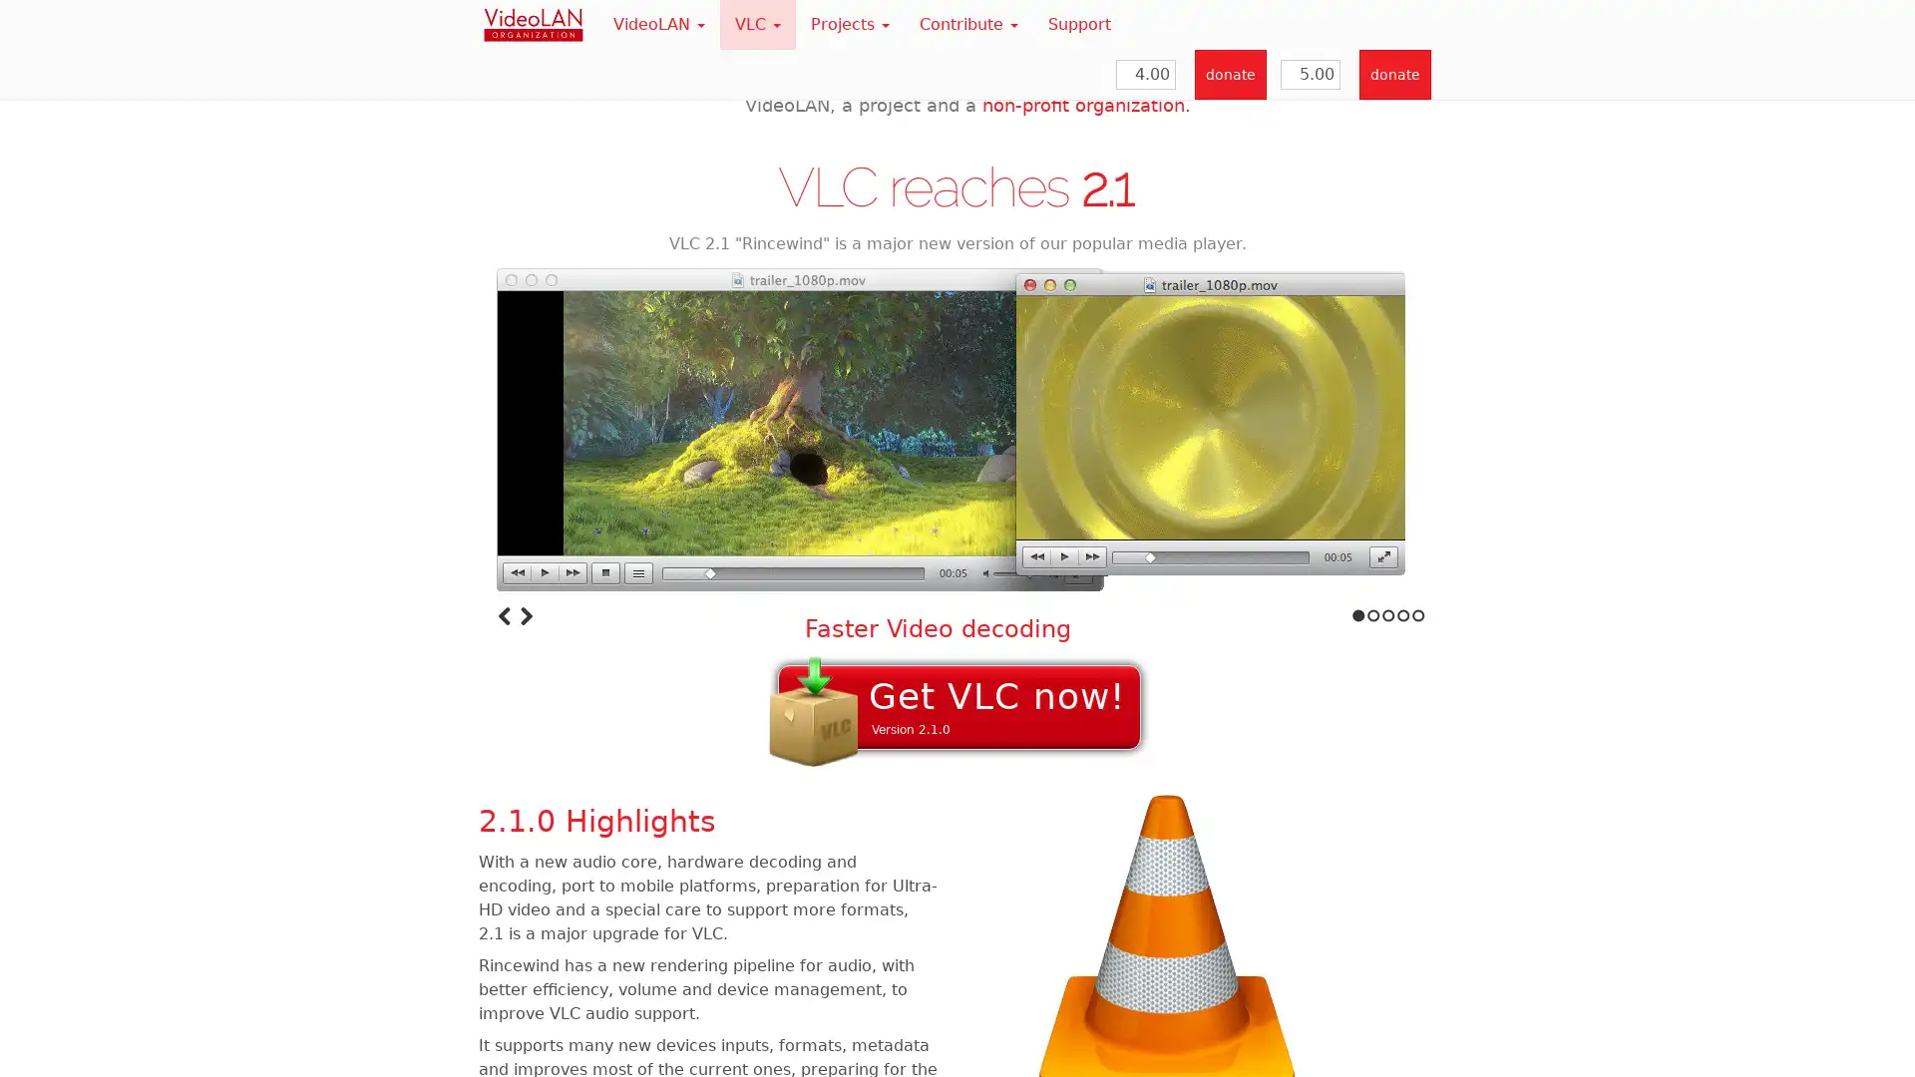 Image resolution: width=1915 pixels, height=1077 pixels. What do you see at coordinates (1393, 73) in the screenshot?
I see `donate` at bounding box center [1393, 73].